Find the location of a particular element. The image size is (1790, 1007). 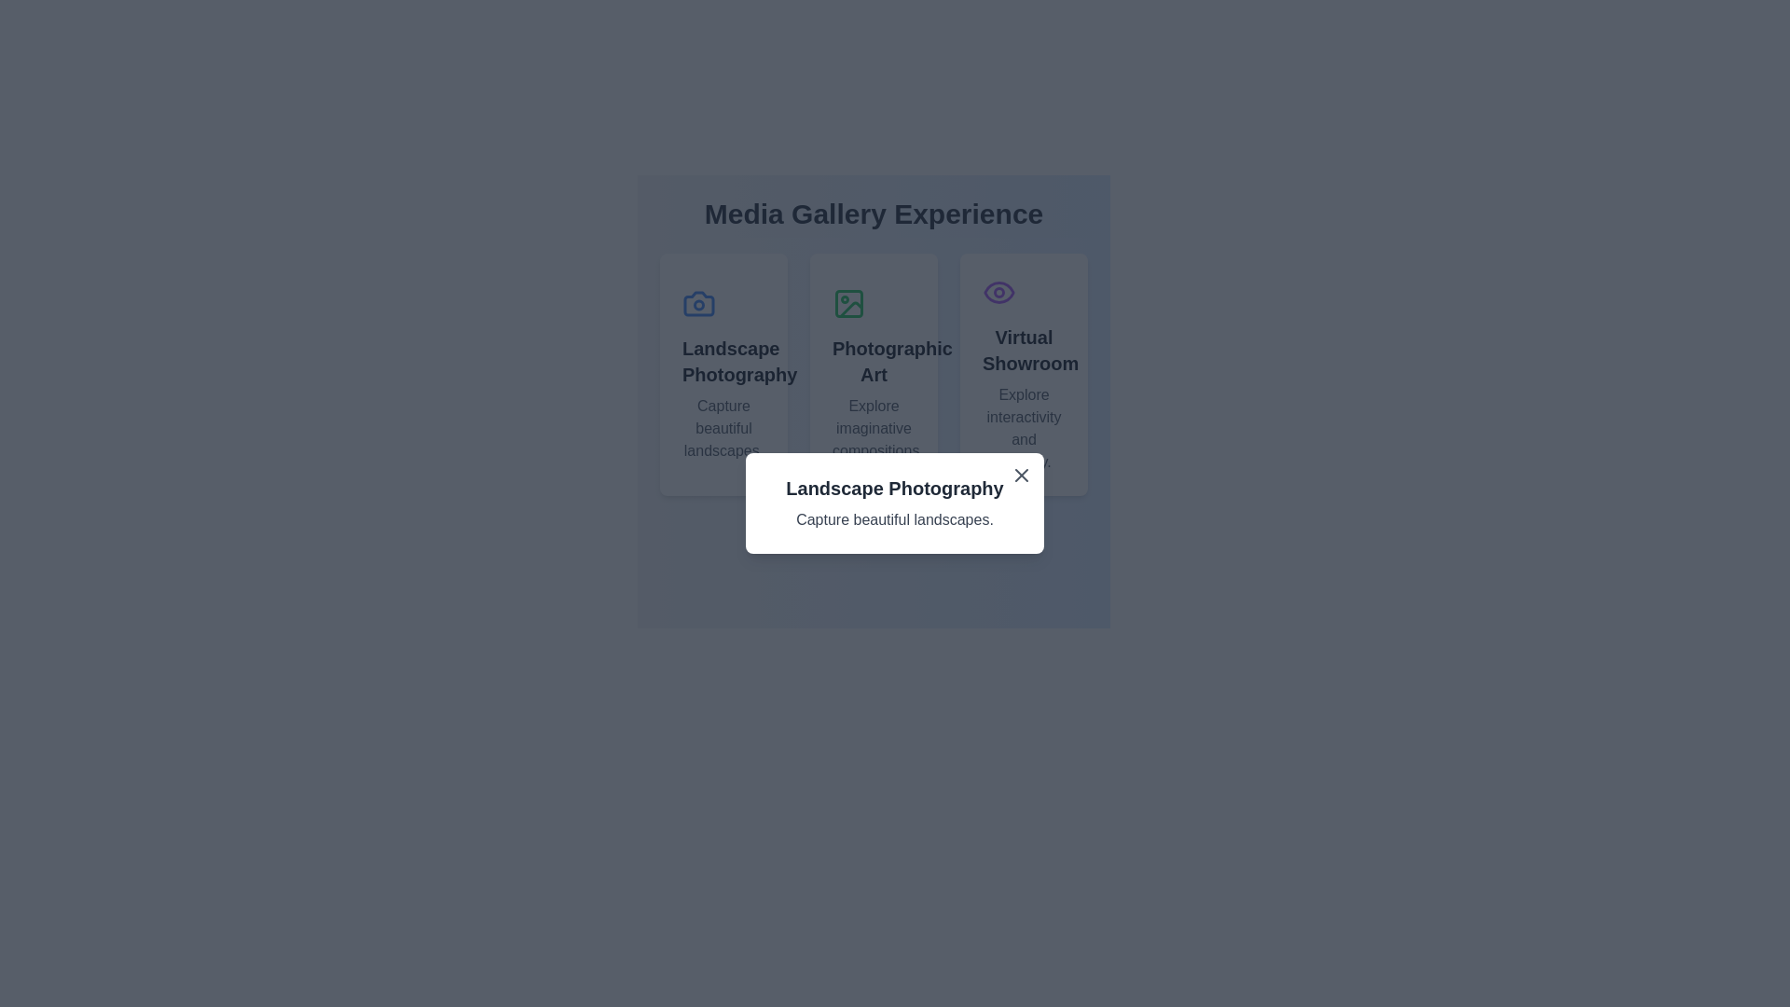

the close button icon in the top-right corner of the pop-up dialog box, adjacent to 'Landscape Photography' is located at coordinates (1020, 474).